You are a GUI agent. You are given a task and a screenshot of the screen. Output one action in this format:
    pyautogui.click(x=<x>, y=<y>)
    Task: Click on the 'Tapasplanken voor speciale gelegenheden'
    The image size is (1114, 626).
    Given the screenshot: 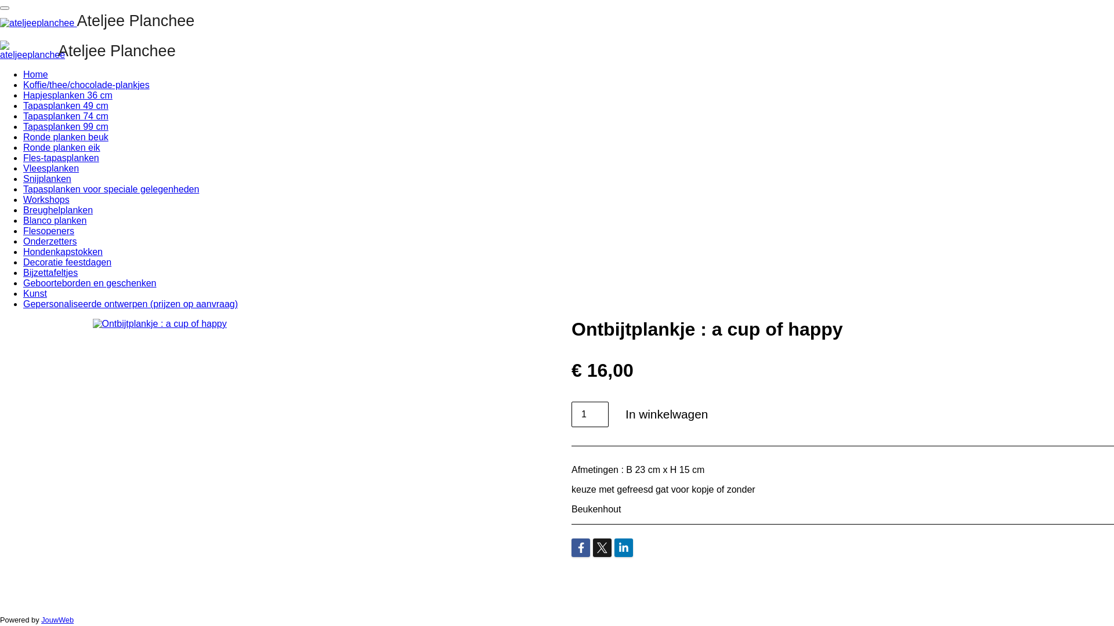 What is the action you would take?
    pyautogui.click(x=111, y=188)
    